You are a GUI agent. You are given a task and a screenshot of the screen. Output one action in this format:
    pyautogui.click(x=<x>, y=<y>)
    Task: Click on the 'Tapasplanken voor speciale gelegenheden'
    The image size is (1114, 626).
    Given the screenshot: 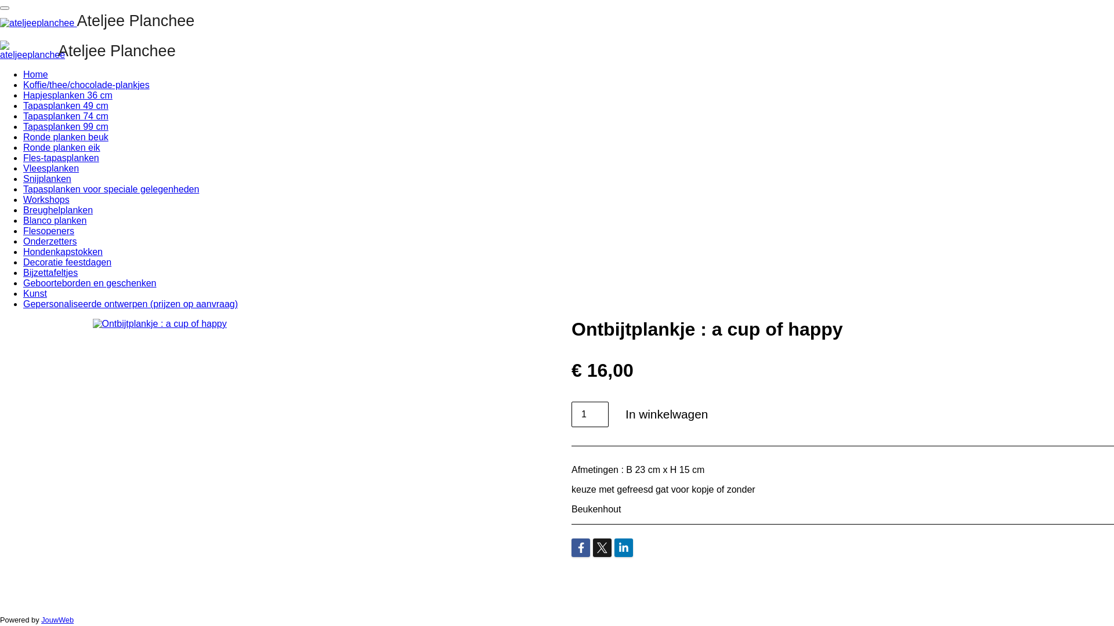 What is the action you would take?
    pyautogui.click(x=111, y=188)
    